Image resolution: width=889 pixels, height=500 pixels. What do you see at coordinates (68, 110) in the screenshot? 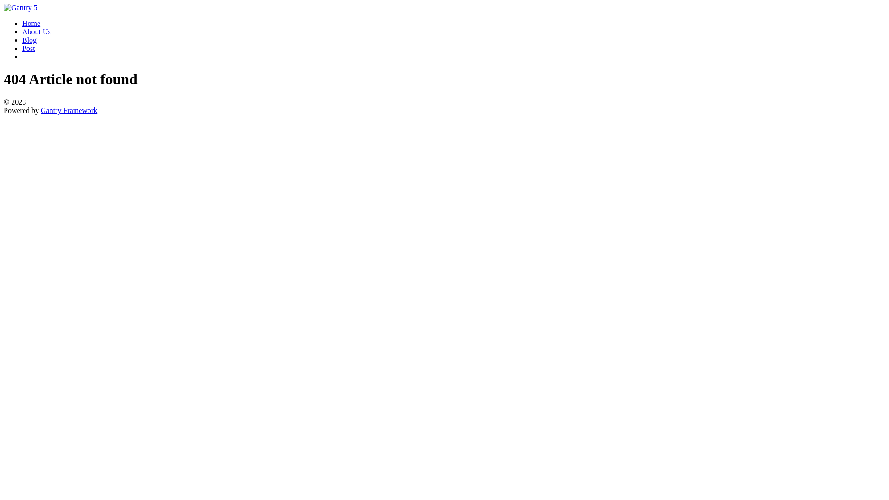
I see `'Gantry Framework'` at bounding box center [68, 110].